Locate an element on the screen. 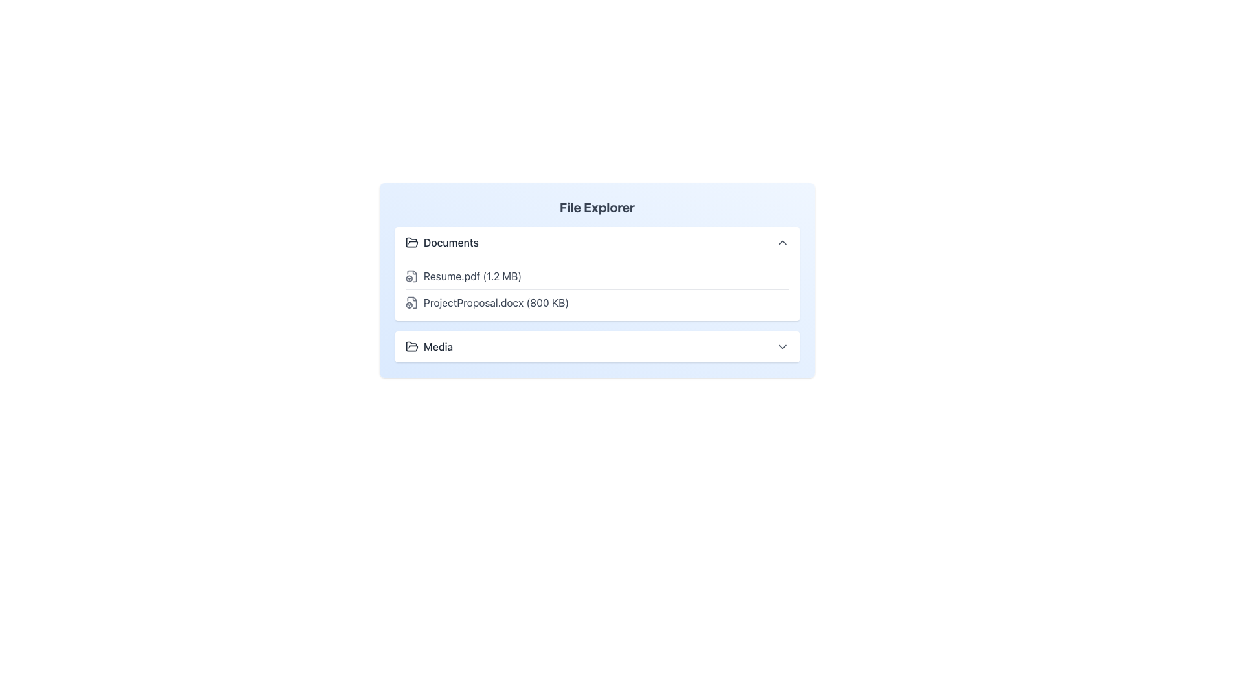 This screenshot has height=699, width=1244. the file entry label for 'ProjectProposal.docx (800 KB)' is located at coordinates (487, 302).